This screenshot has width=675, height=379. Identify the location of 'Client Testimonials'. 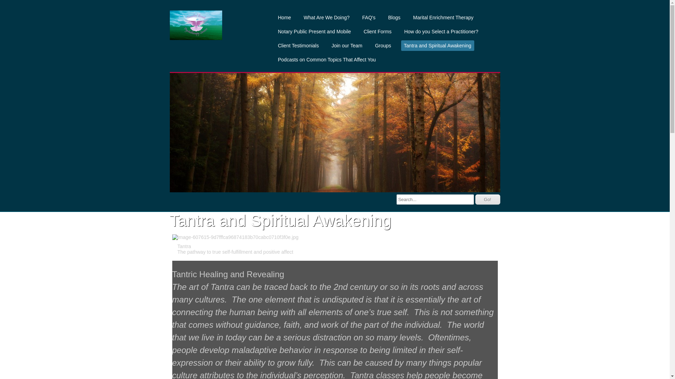
(298, 46).